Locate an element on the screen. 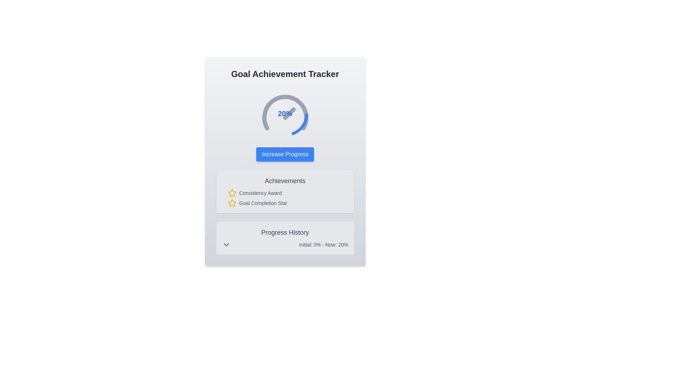 The image size is (689, 387). the Circular Progress Indicator, which is styled with blue accents and displays a progress percentage of '20%' in the center, located within the 'Goal Achievement Tracker' card is located at coordinates (285, 113).